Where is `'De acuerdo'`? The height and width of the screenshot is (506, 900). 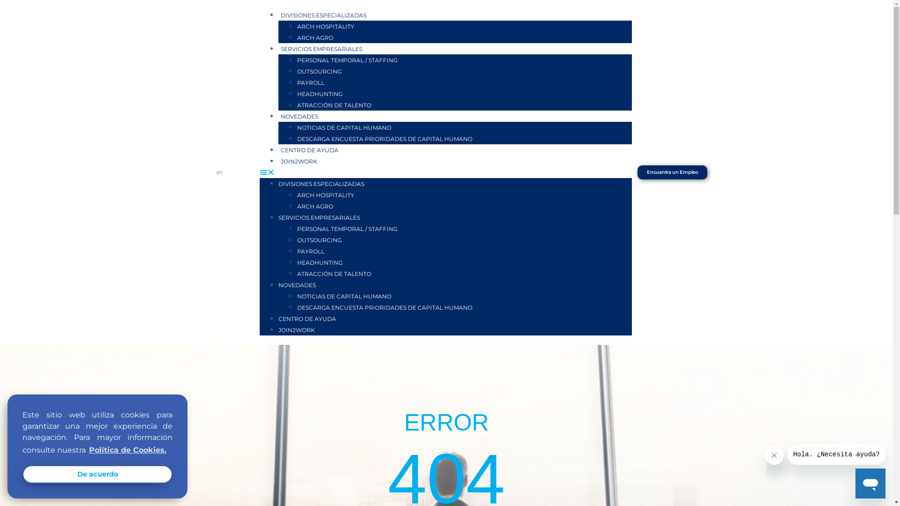 'De acuerdo' is located at coordinates (97, 474).